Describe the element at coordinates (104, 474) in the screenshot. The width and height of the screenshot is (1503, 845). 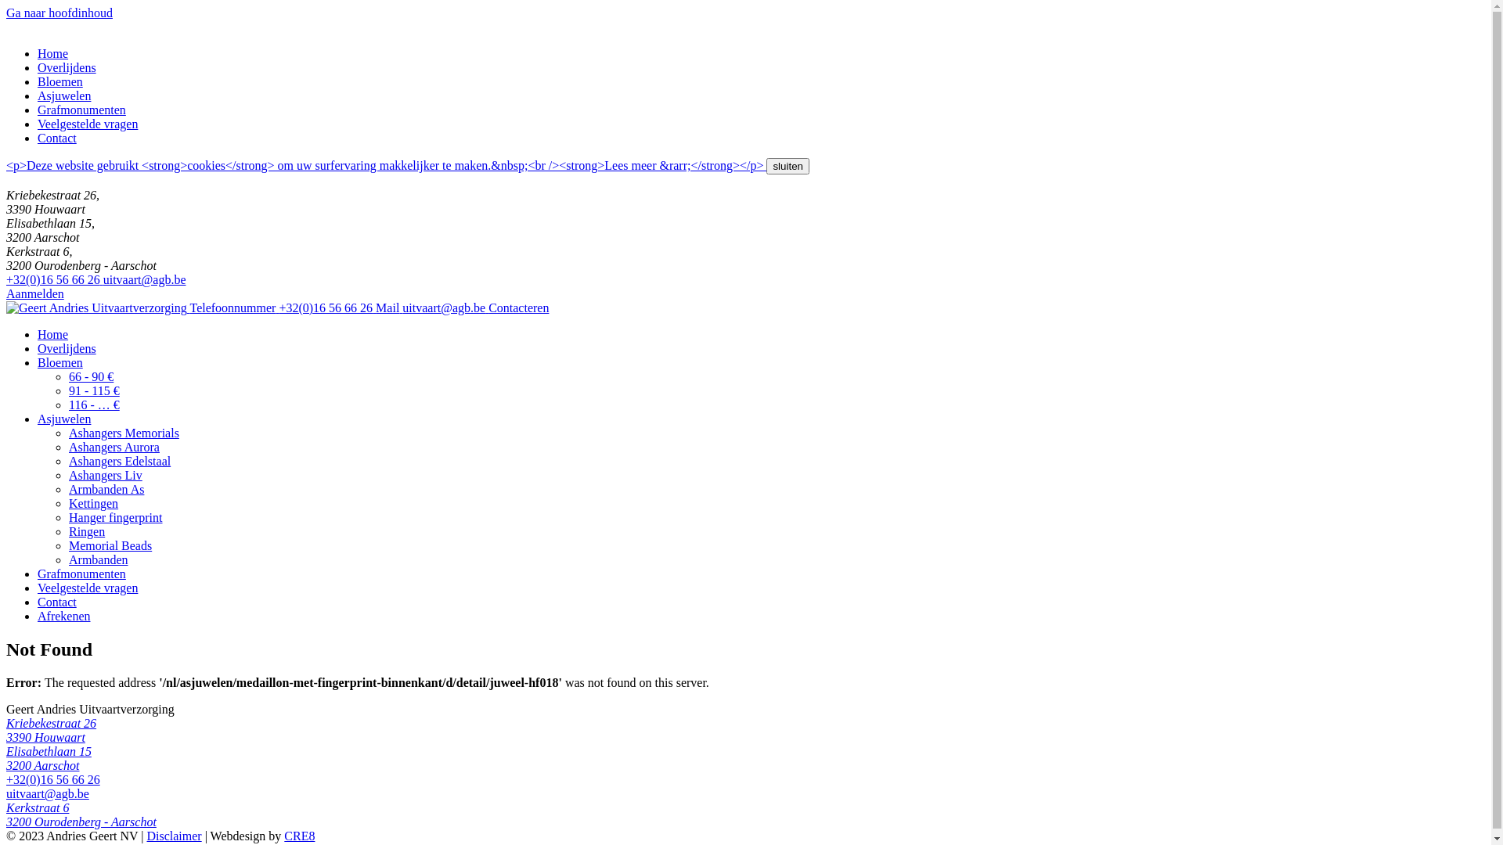
I see `'Ashangers Liv'` at that location.